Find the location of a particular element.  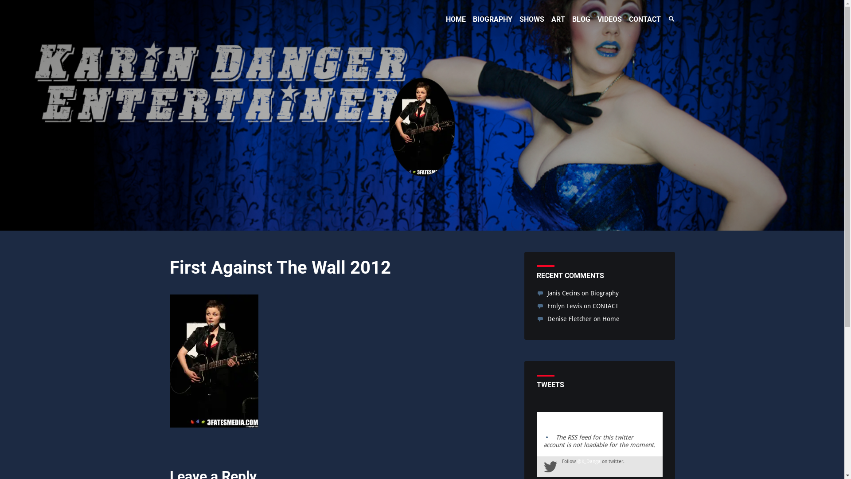

'Biography' is located at coordinates (590, 293).